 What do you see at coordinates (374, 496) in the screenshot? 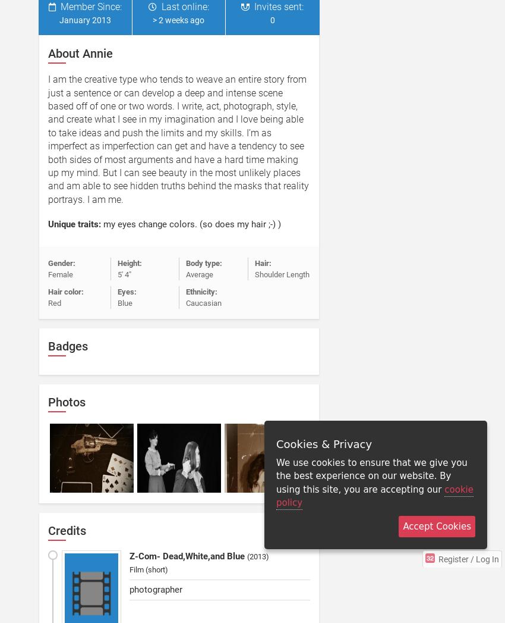
I see `'cookie policy'` at bounding box center [374, 496].